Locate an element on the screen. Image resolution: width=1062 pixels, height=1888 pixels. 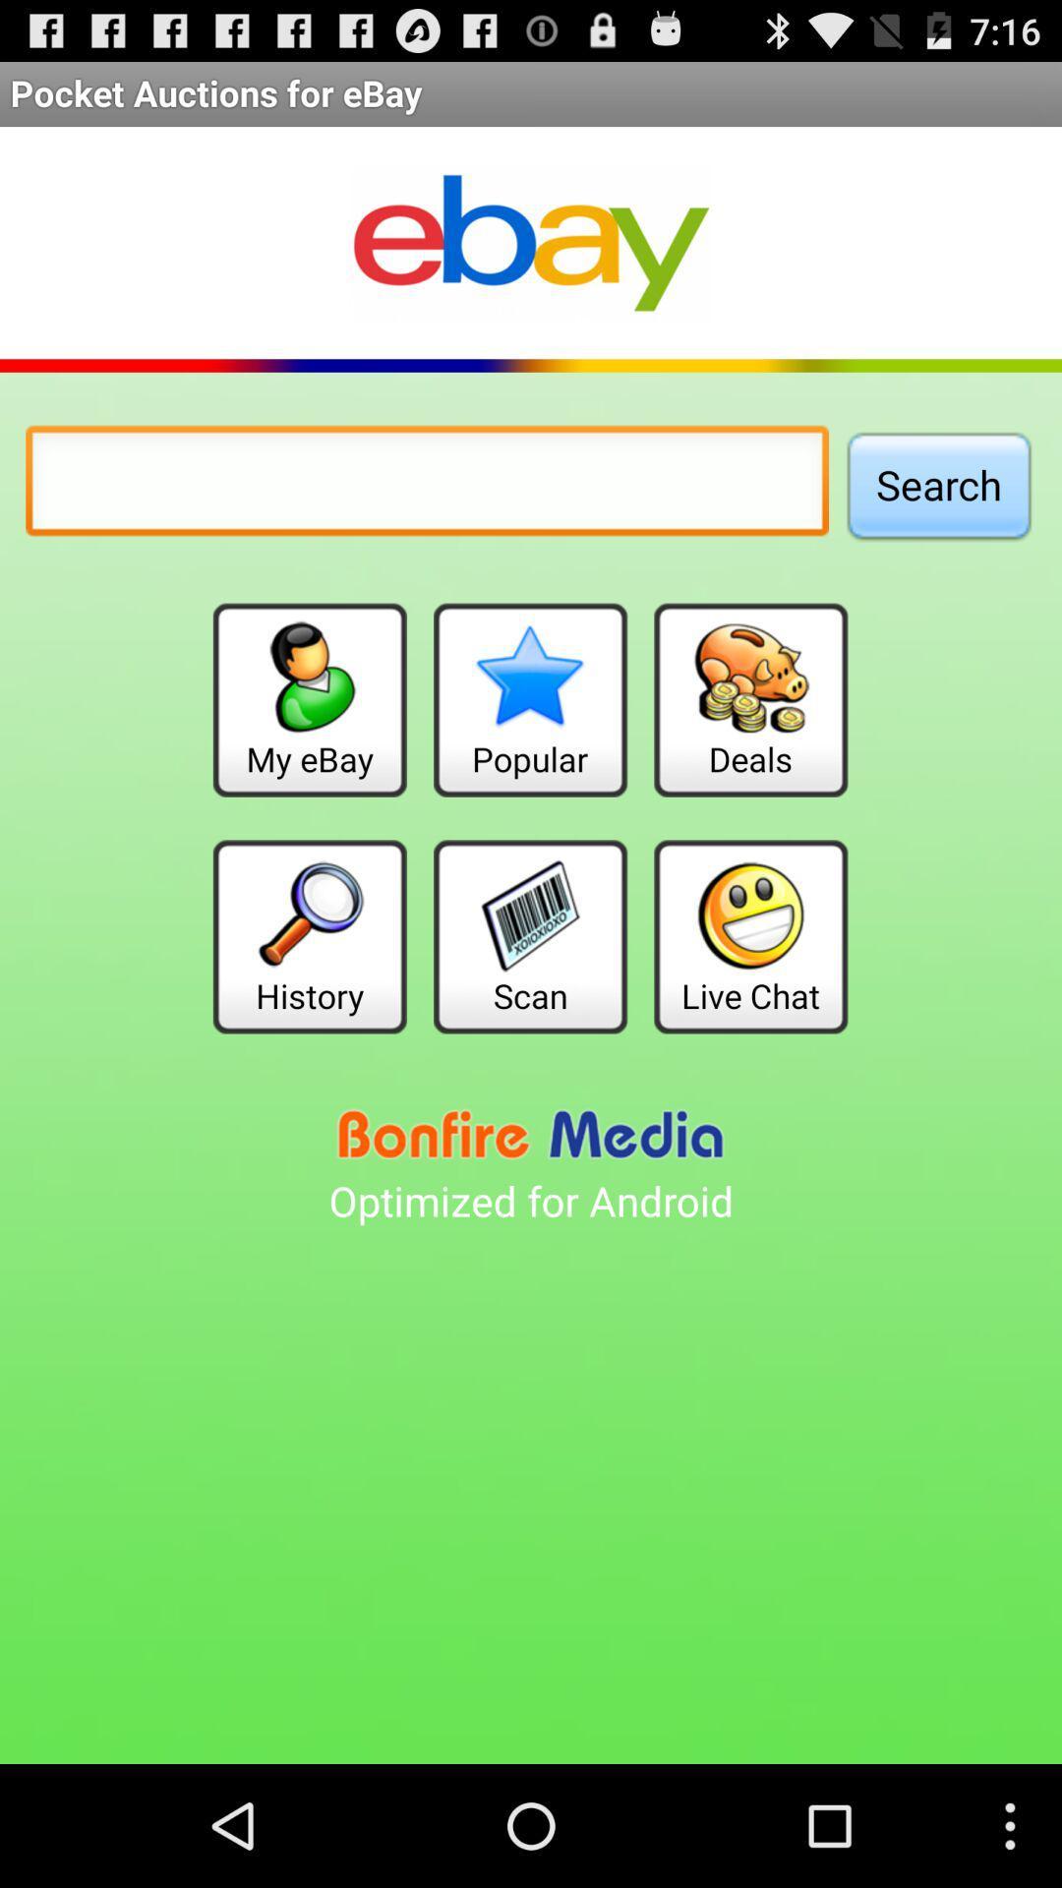
item to the right of the history button is located at coordinates (529, 935).